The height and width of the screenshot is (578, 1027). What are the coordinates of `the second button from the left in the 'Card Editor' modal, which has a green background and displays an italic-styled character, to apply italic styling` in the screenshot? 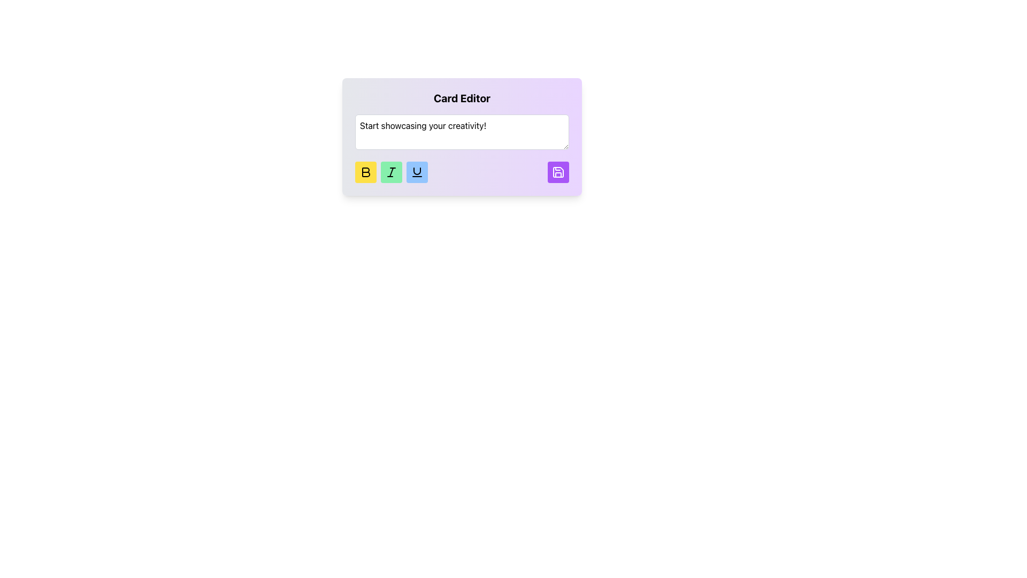 It's located at (390, 171).